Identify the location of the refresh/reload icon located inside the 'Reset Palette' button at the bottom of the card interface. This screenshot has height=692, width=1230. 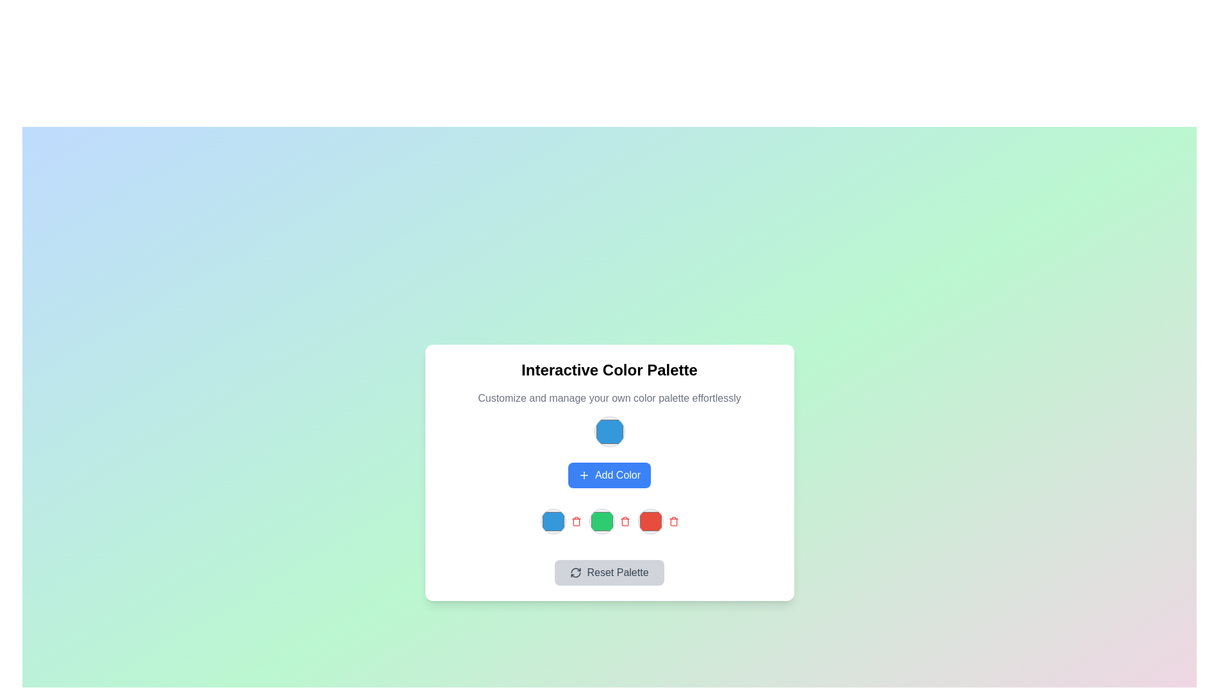
(575, 572).